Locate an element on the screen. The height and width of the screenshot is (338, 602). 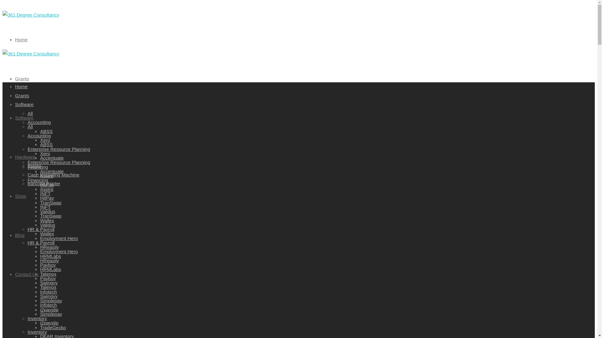
'Swingvy' is located at coordinates (49, 296).